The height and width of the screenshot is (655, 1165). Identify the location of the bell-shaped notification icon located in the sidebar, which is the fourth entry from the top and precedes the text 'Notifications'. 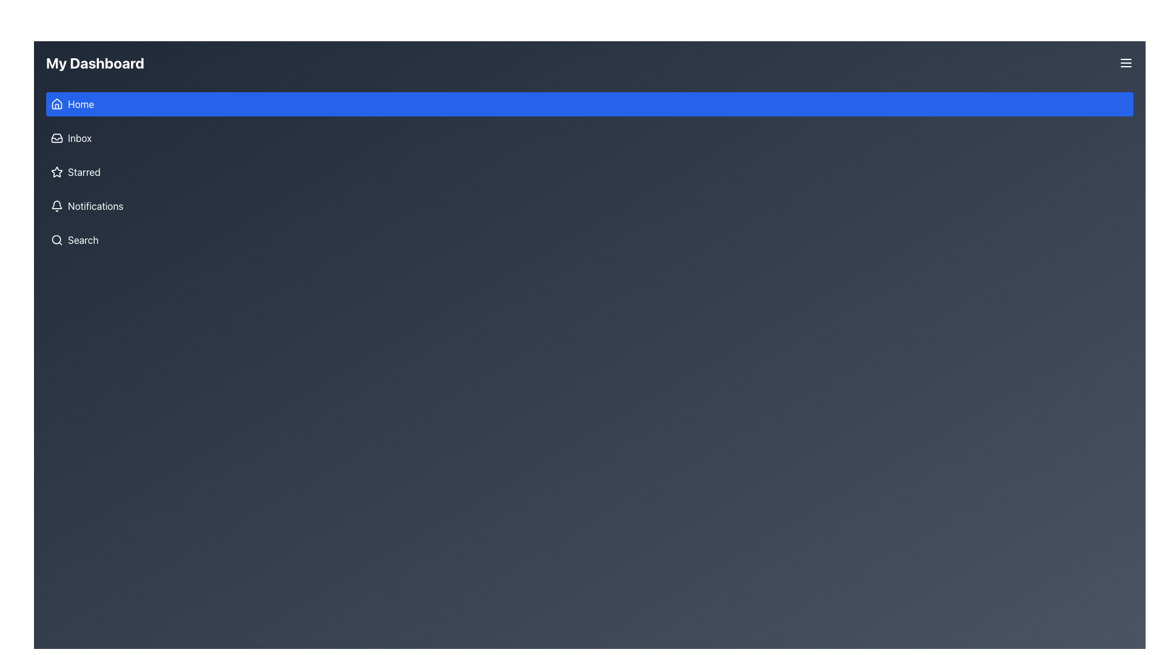
(56, 205).